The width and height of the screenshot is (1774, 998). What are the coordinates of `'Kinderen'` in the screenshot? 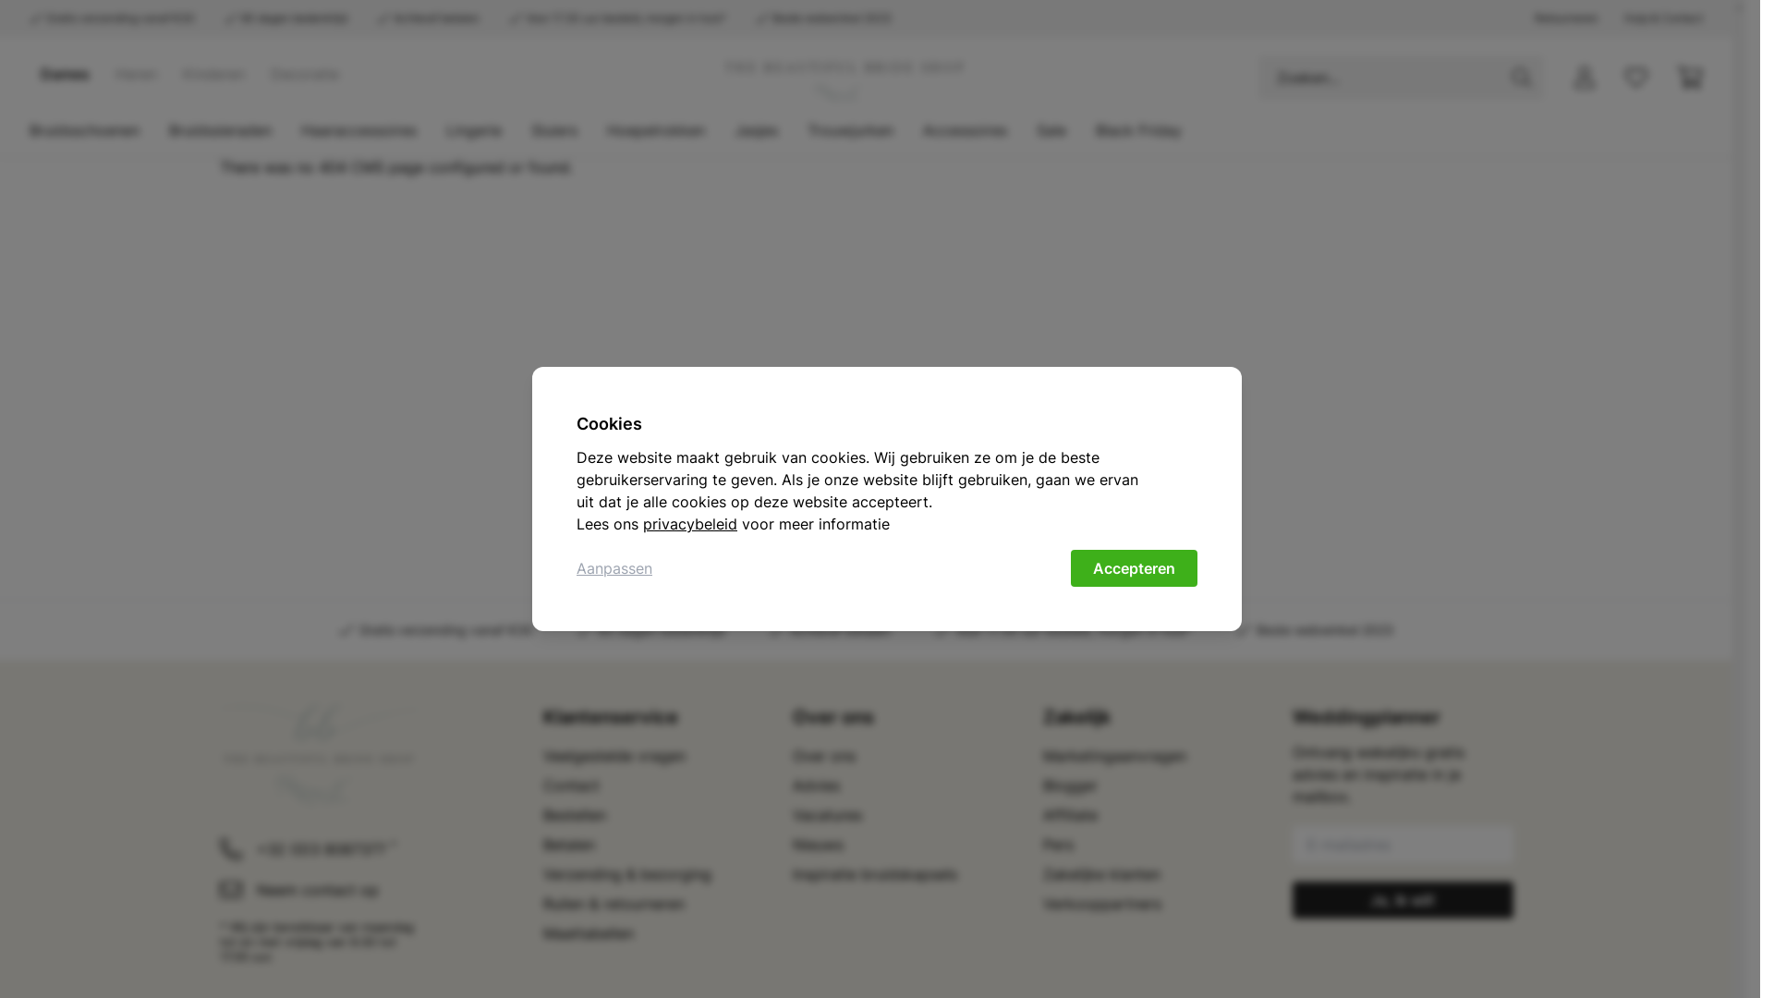 It's located at (213, 73).